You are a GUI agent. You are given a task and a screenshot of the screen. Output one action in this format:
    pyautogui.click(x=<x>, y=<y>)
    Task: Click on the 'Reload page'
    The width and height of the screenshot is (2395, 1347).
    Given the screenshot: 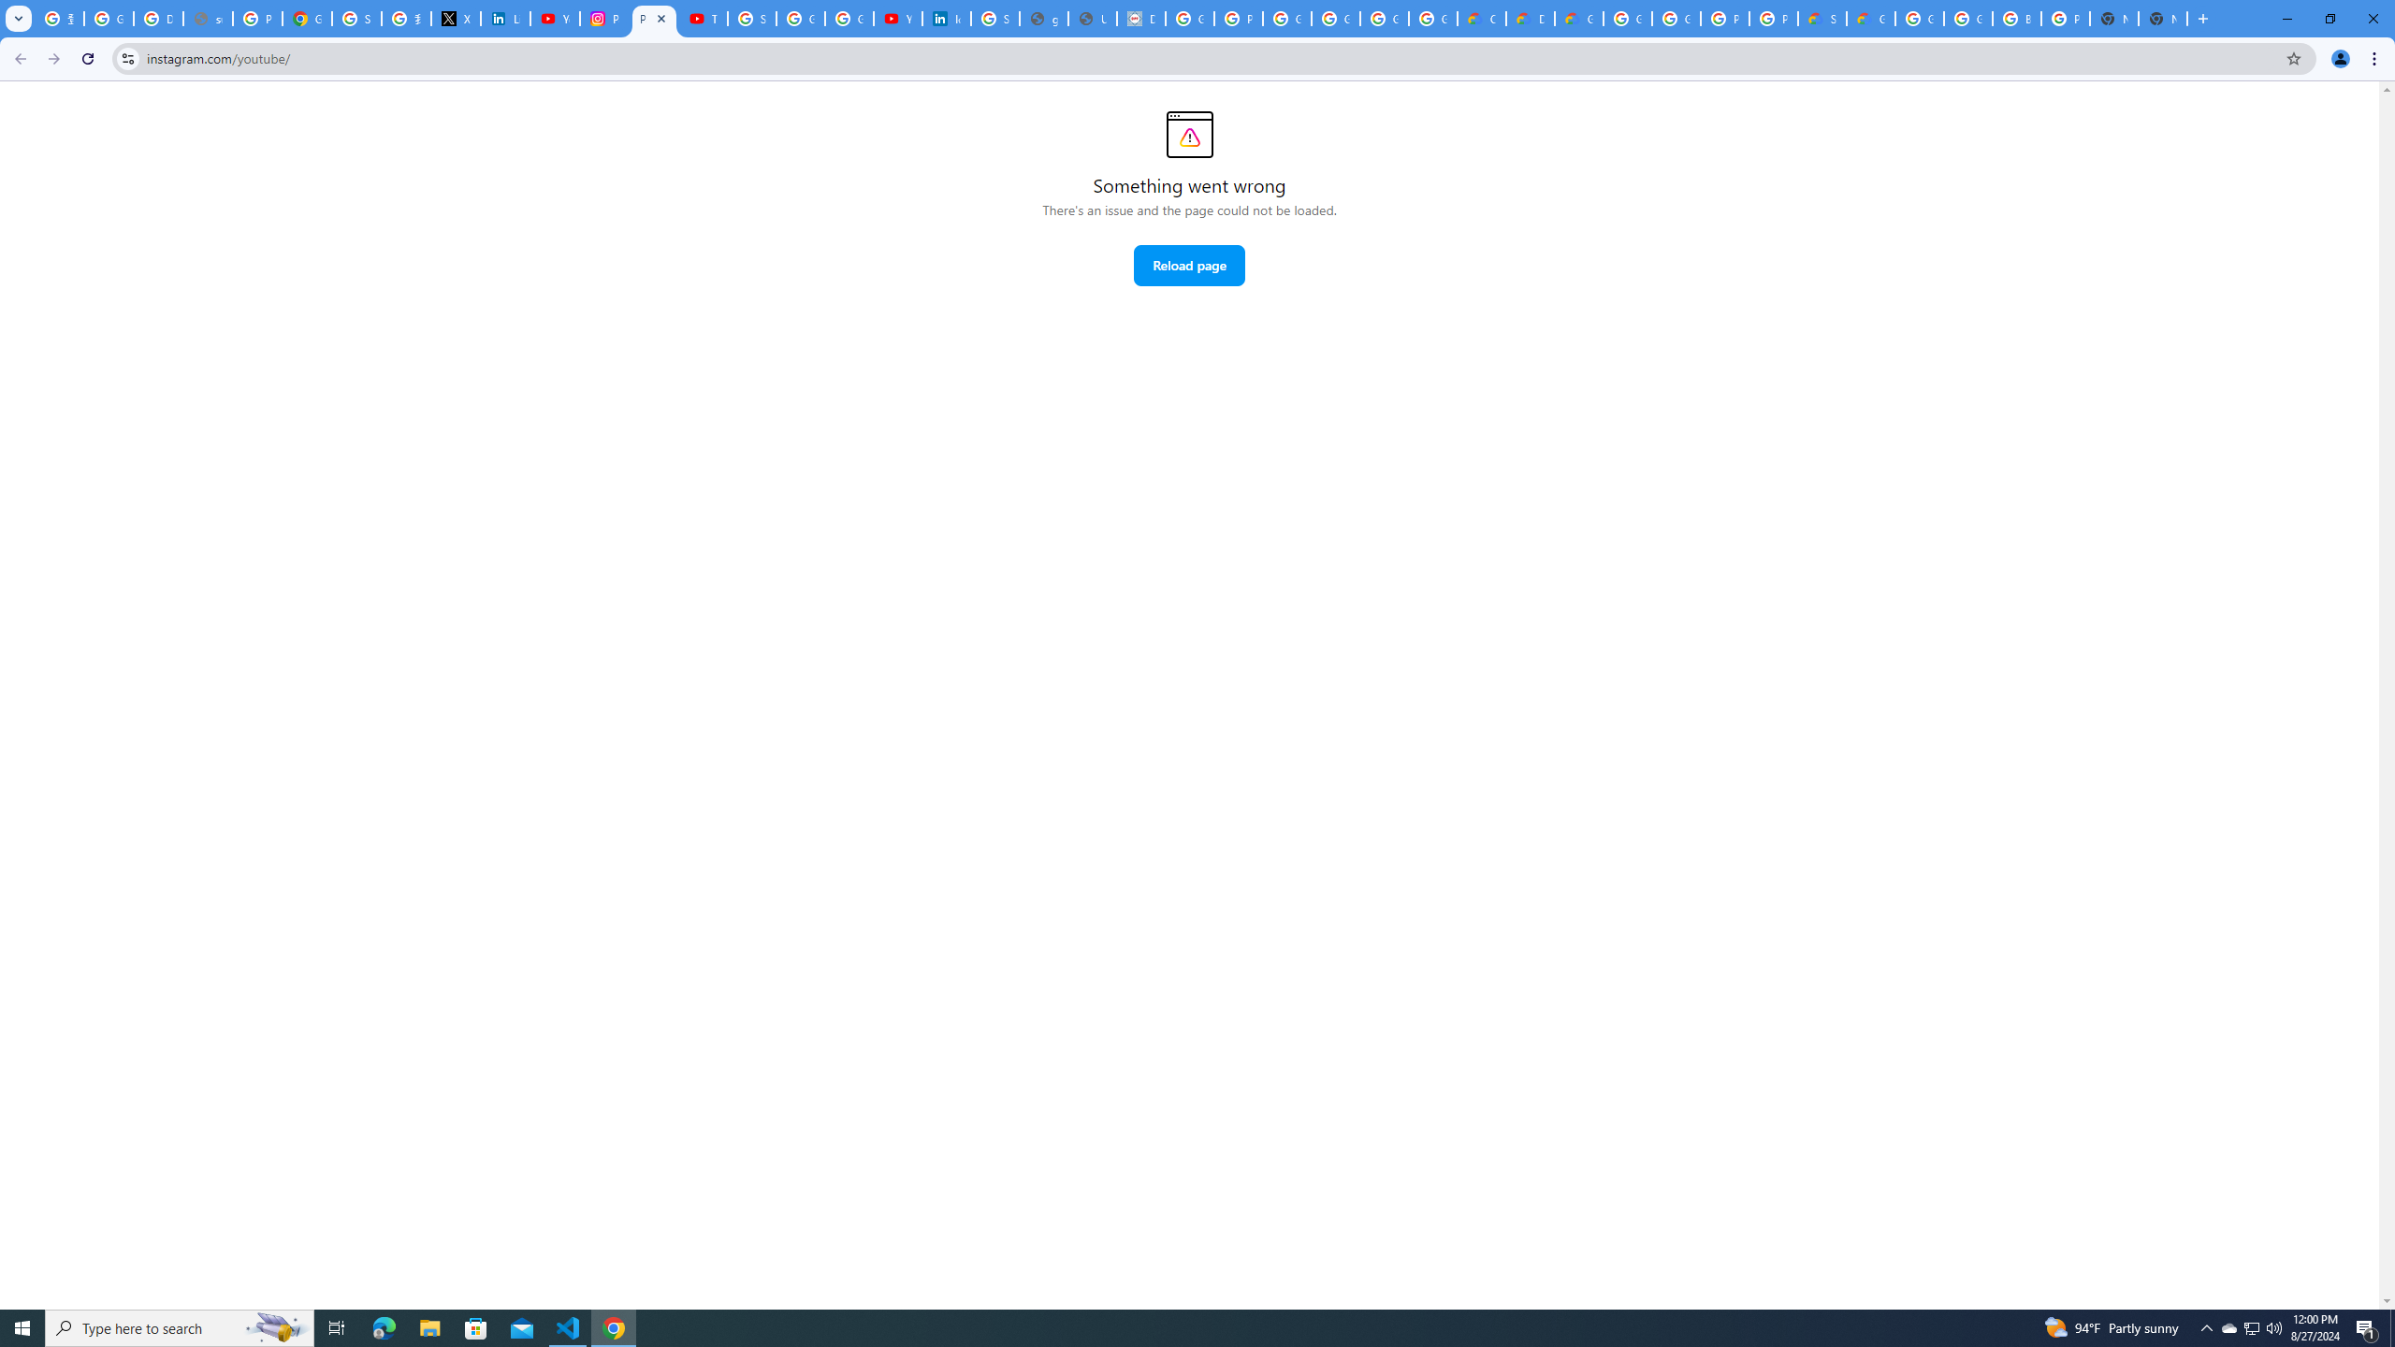 What is the action you would take?
    pyautogui.click(x=1189, y=265)
    